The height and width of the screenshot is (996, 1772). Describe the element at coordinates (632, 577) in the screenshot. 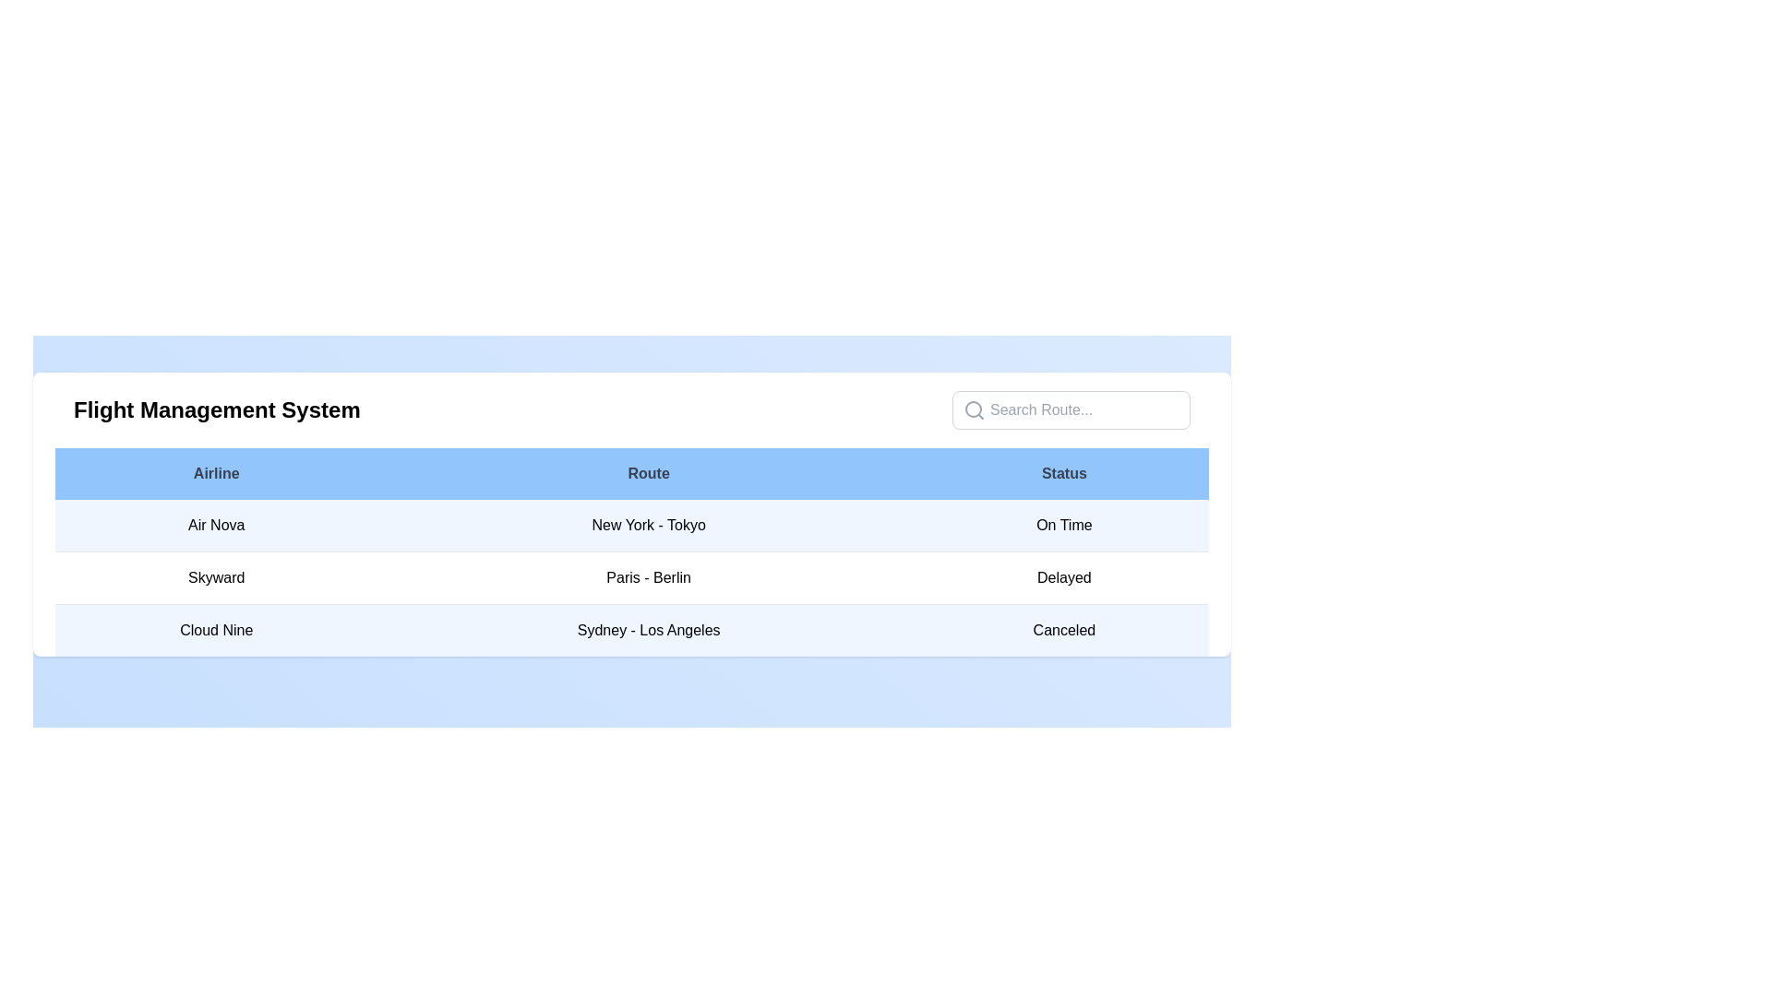

I see `text content of the middle row in the flight information table, which includes 'Skyward', 'Paris - Berlin', and 'Delayed'` at that location.